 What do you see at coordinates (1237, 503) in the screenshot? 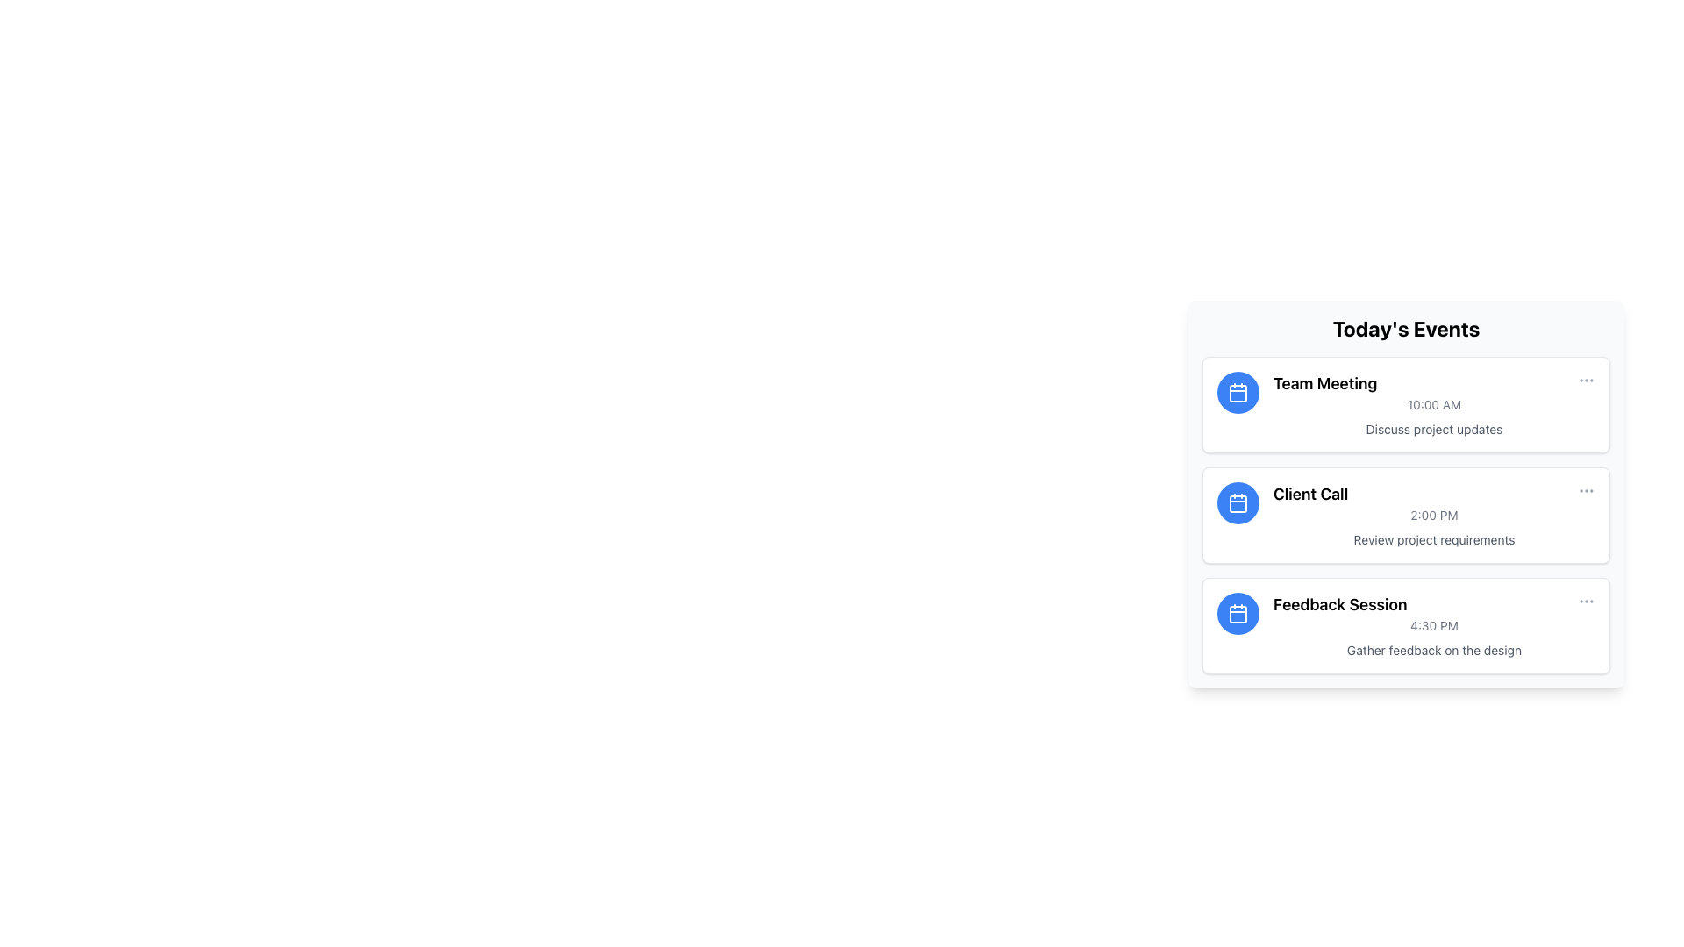
I see `the blue calendar icon with a white background, which is the second event entry in the vertical list of events between 'Team Meeting' and 'Feedback Session'` at bounding box center [1237, 503].